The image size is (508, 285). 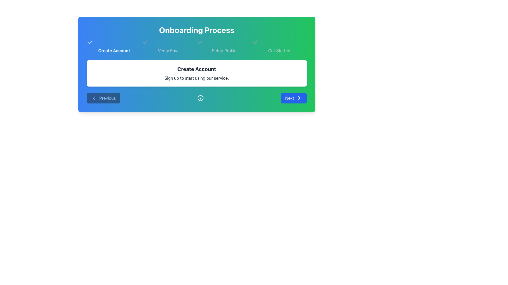 I want to click on the 'Setup Profile' text label, which indicates the current stage in the onboarding process and is the third step in the horizontal step indicator, so click(x=224, y=51).